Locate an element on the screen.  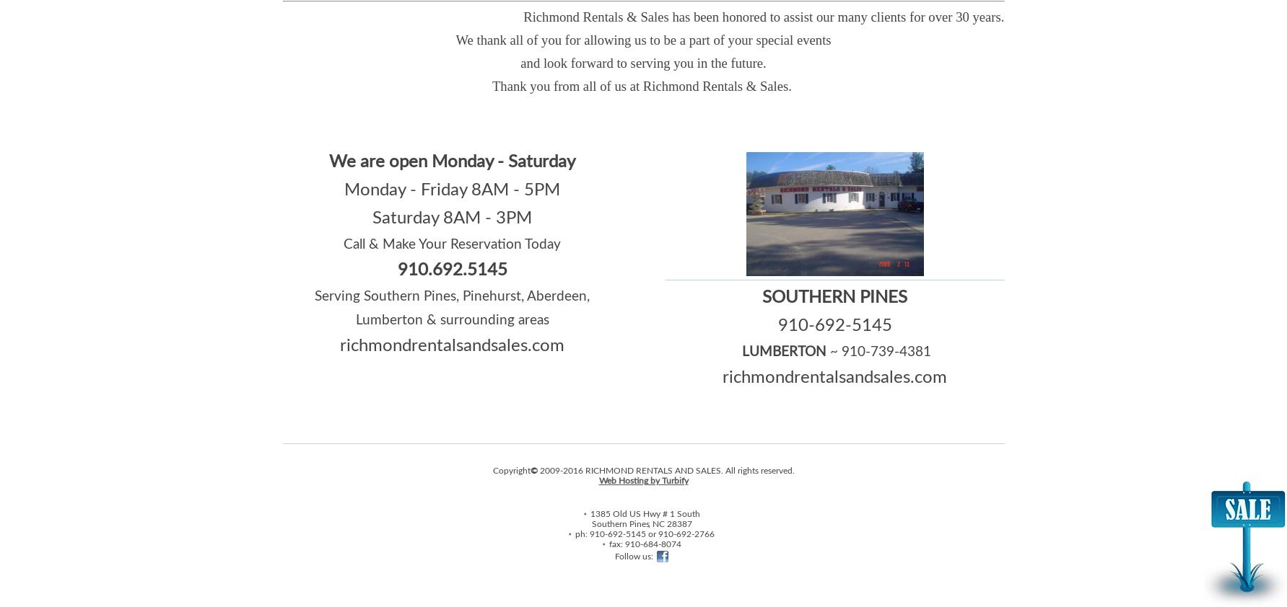
'Thank you from all of us at Richmond Rentals & Sales.' is located at coordinates (642, 84).